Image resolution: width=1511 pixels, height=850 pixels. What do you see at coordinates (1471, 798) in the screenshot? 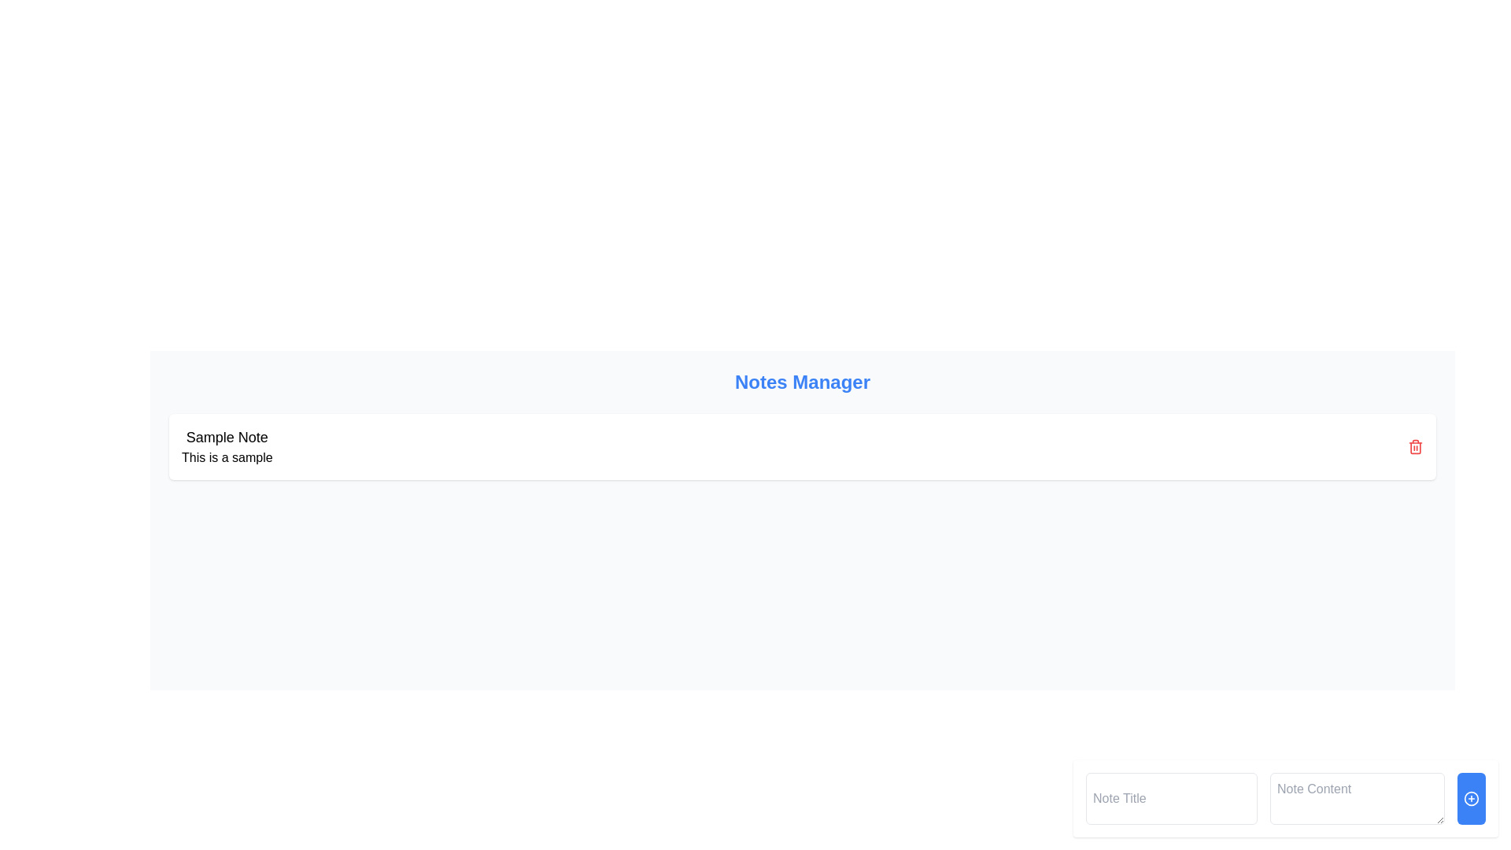
I see `the button containing the circular icon element` at bounding box center [1471, 798].